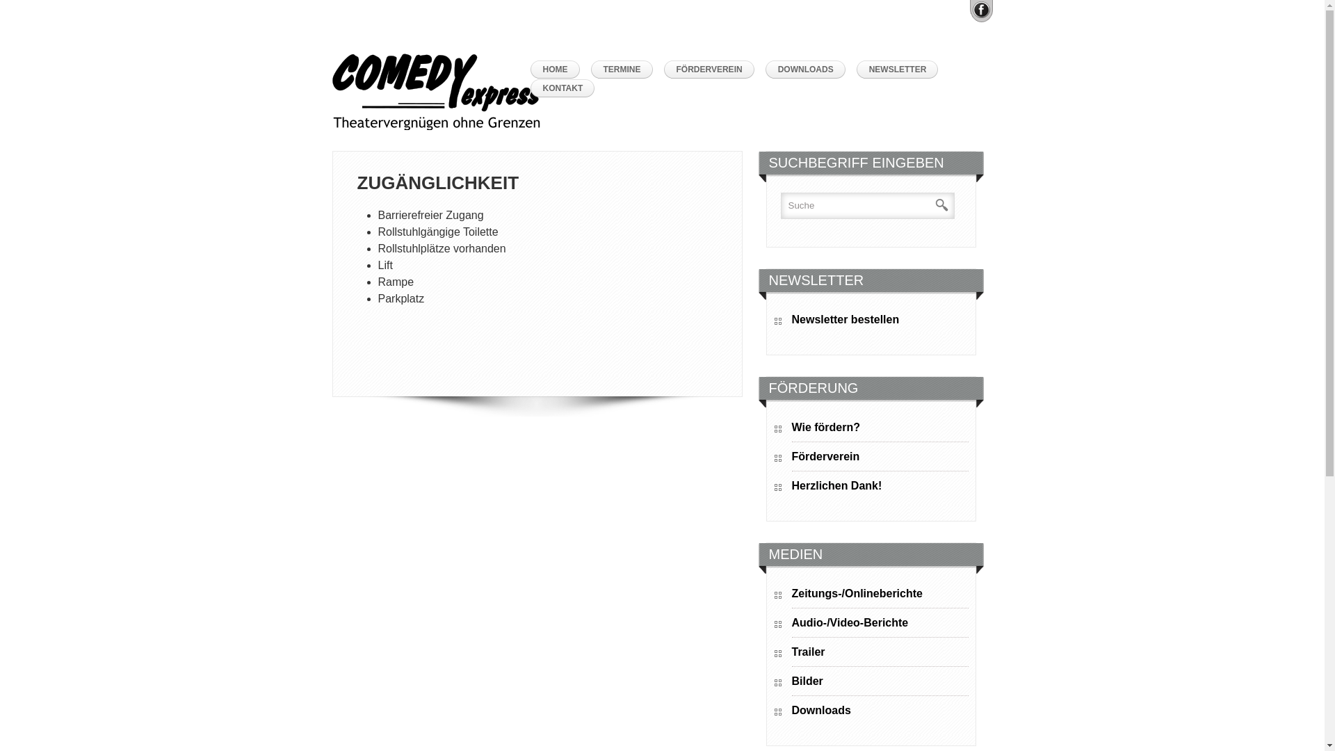  I want to click on 'Herzlichen Dank!', so click(791, 487).